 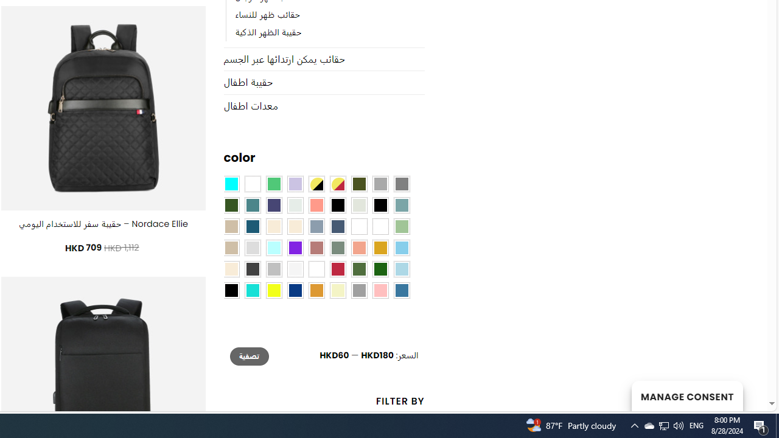 I want to click on 'Cream', so click(x=295, y=226).